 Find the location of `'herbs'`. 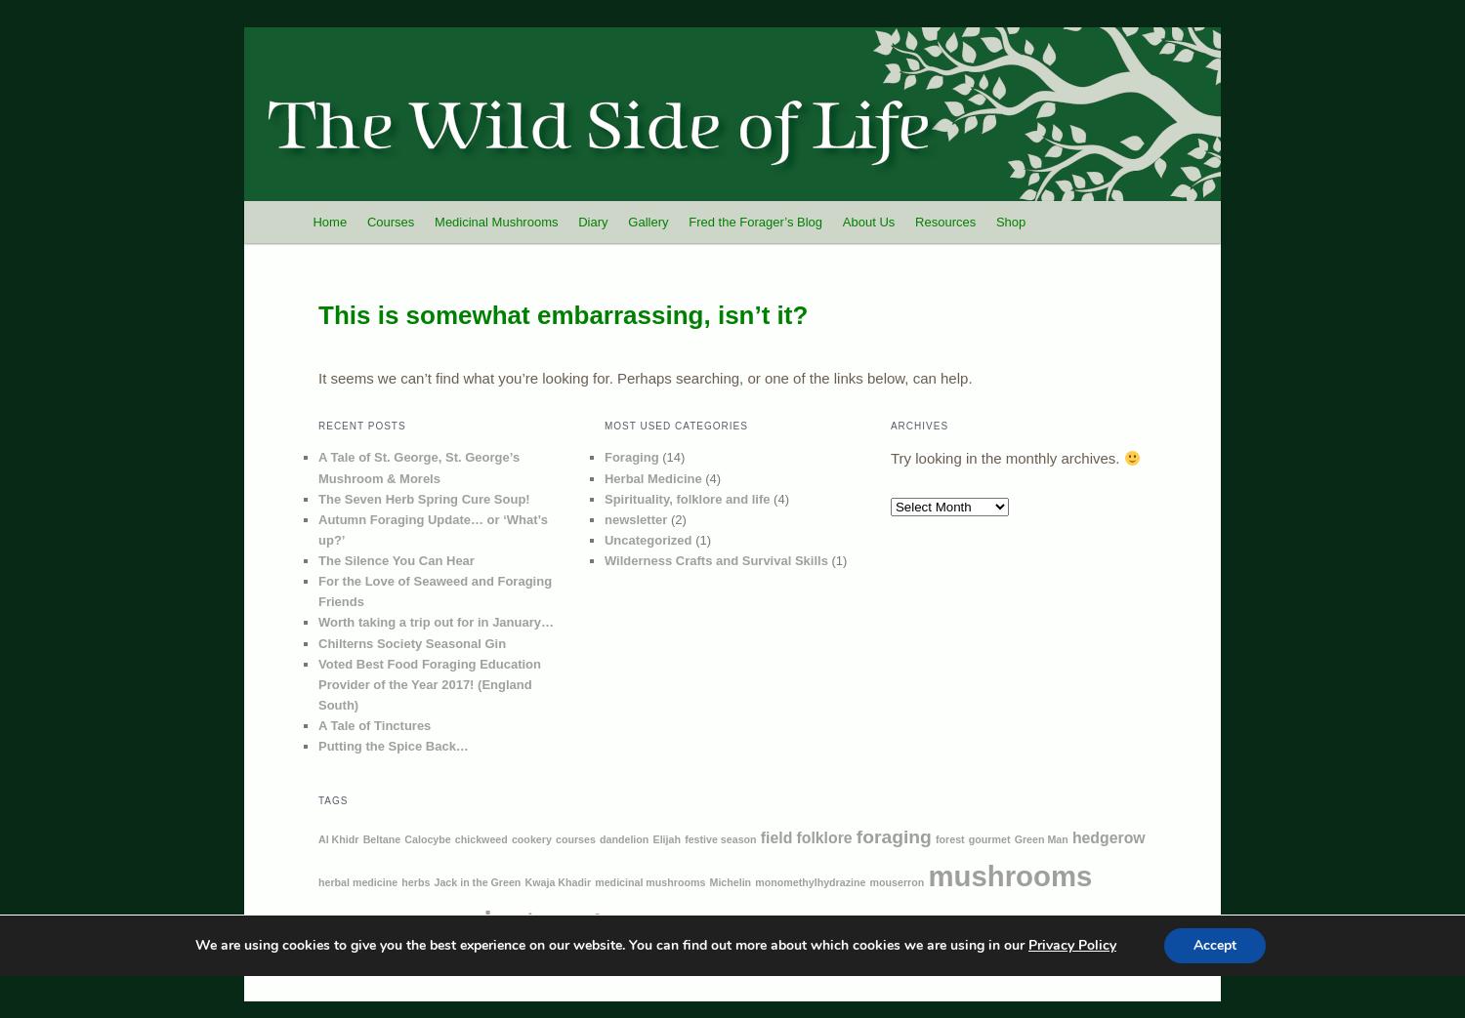

'herbs' is located at coordinates (401, 880).